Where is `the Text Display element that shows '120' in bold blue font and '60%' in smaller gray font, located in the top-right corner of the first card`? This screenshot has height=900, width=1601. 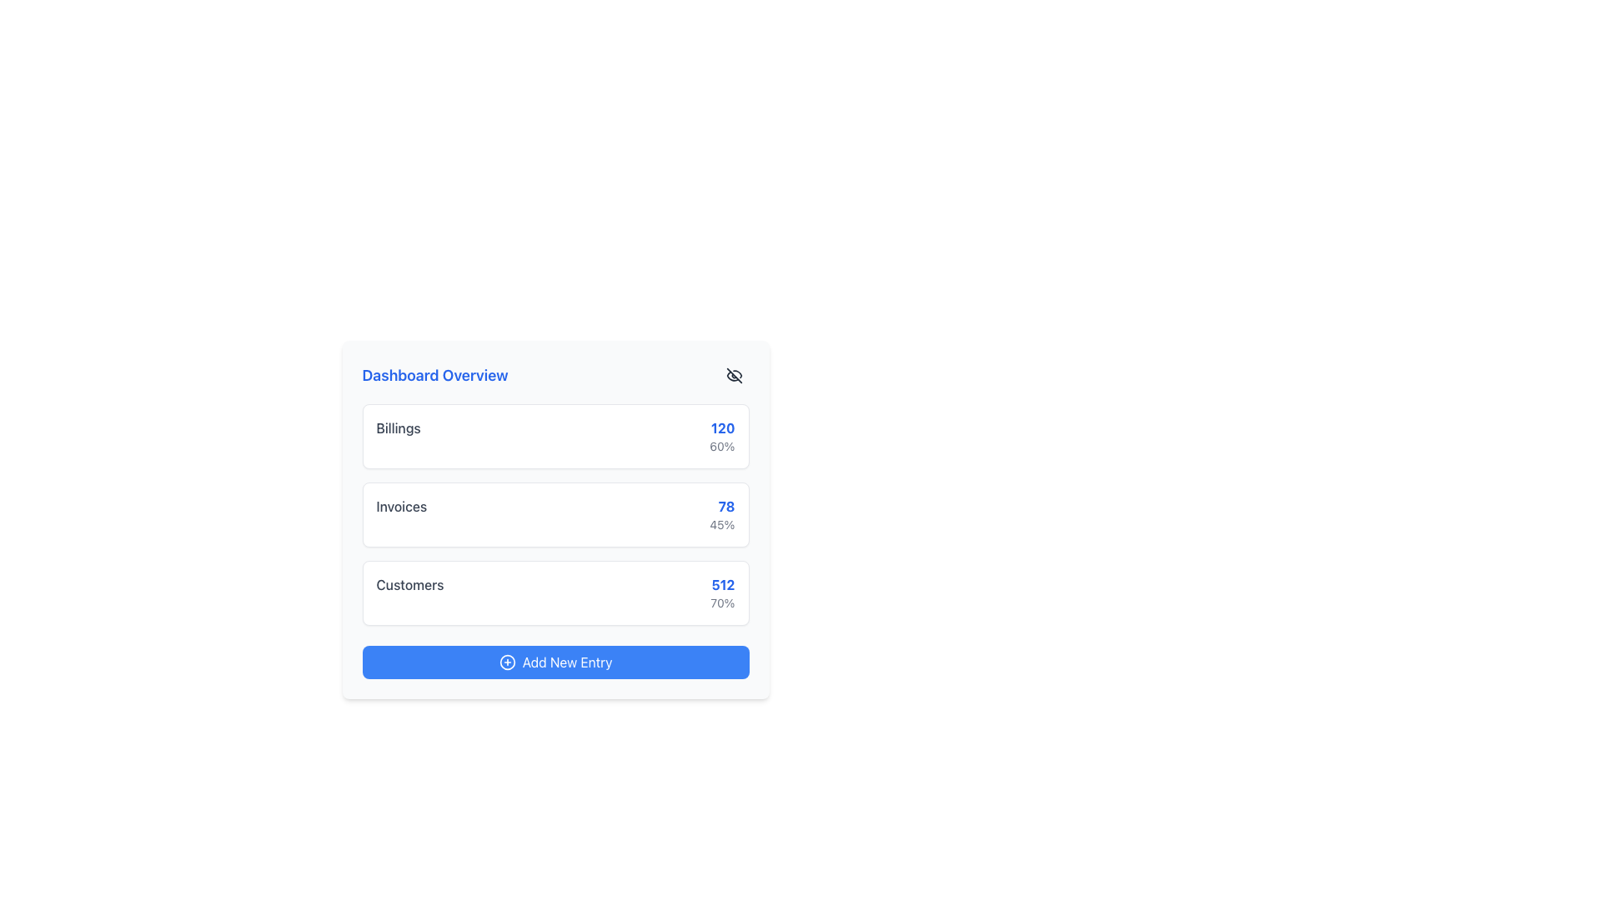
the Text Display element that shows '120' in bold blue font and '60%' in smaller gray font, located in the top-right corner of the first card is located at coordinates (722, 436).